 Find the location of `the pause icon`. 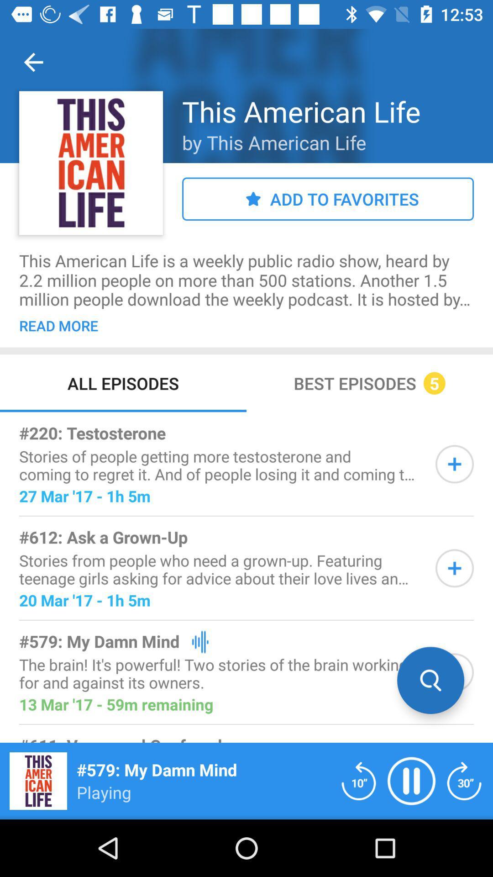

the pause icon is located at coordinates (411, 780).